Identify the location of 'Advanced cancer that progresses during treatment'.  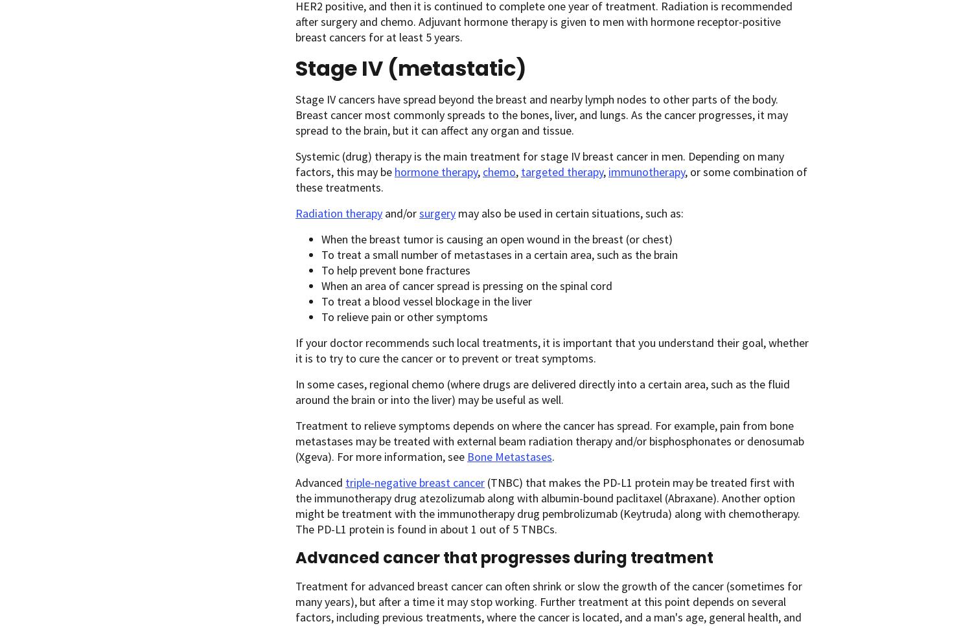
(295, 557).